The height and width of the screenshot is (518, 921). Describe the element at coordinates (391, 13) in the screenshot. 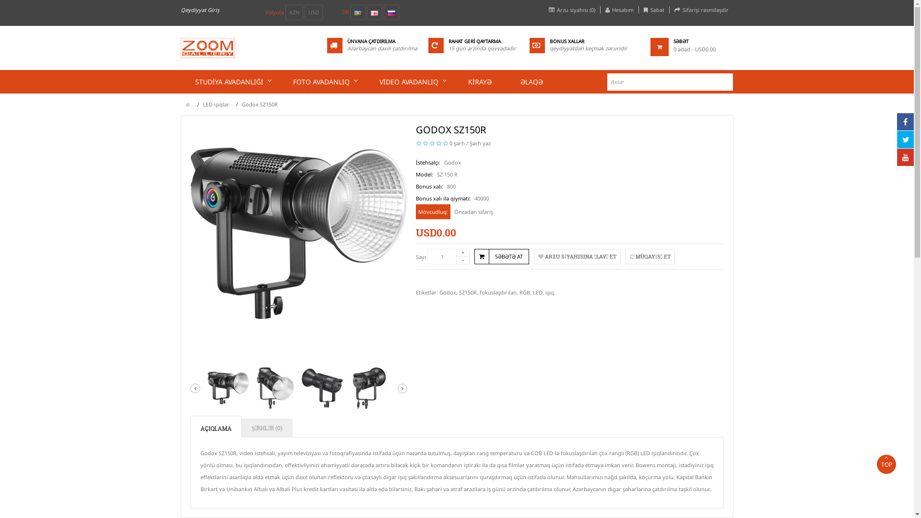

I see `'Russian'` at that location.